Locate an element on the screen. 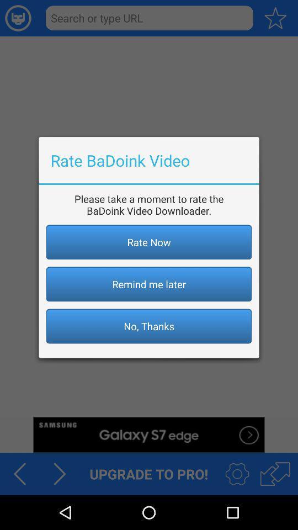  no, thanks icon is located at coordinates (149, 326).